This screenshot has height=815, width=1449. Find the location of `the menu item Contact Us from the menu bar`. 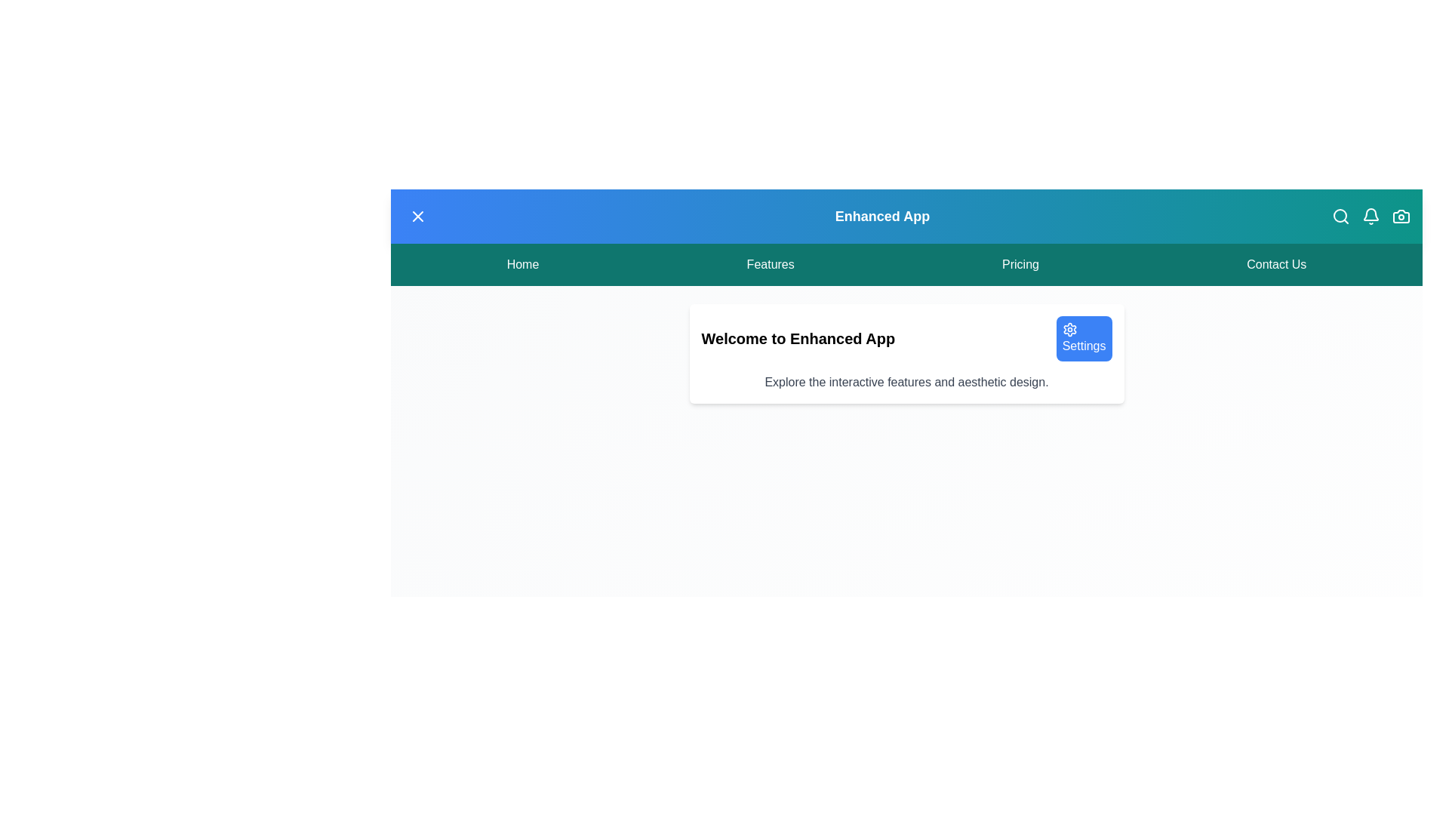

the menu item Contact Us from the menu bar is located at coordinates (1275, 264).